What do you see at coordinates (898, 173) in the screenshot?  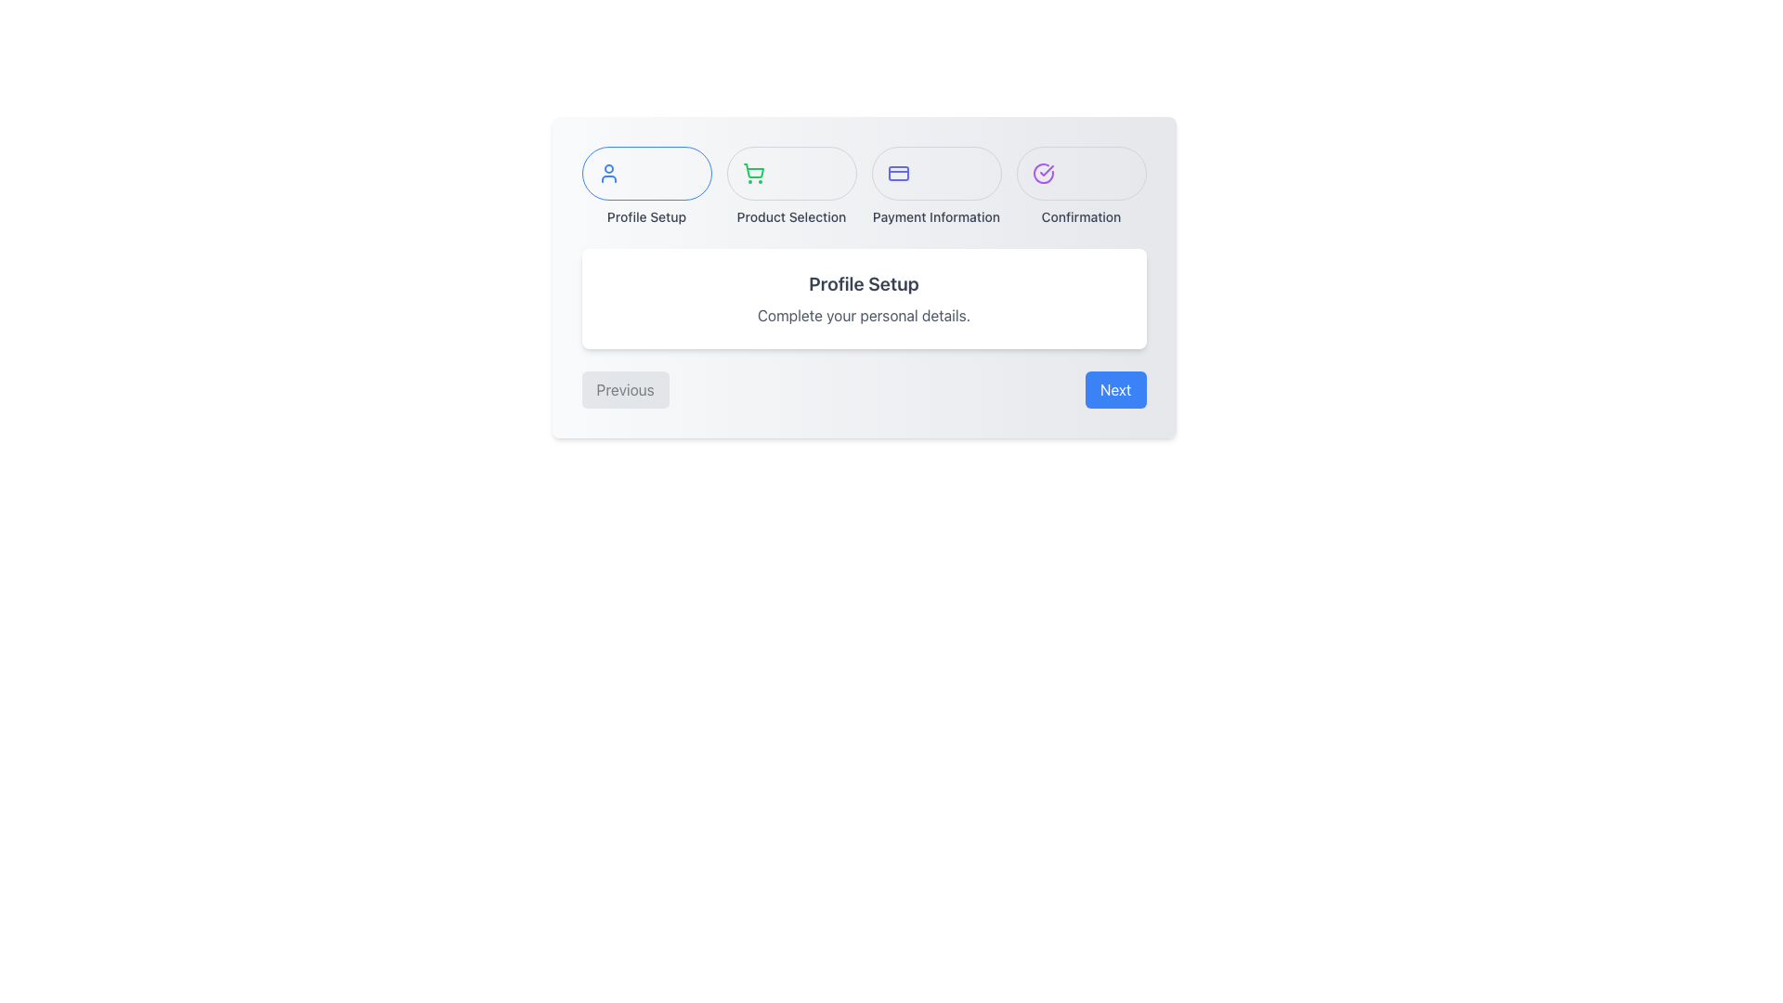 I see `the decorative rectangular part of the credit card icon located in the 'Payment Information' section of the navigation stepper` at bounding box center [898, 173].